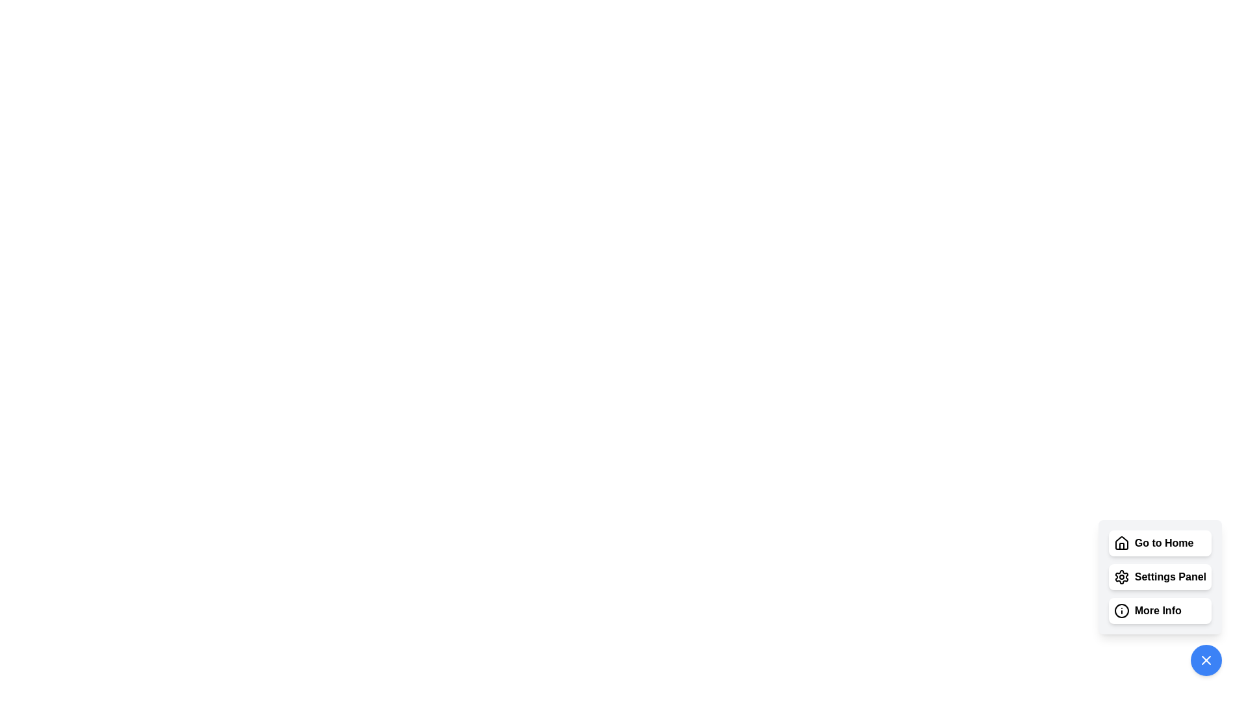  Describe the element at coordinates (1121, 611) in the screenshot. I see `the information icon, which is part of the 'More Info' button located at the bottom right corner of the interface` at that location.